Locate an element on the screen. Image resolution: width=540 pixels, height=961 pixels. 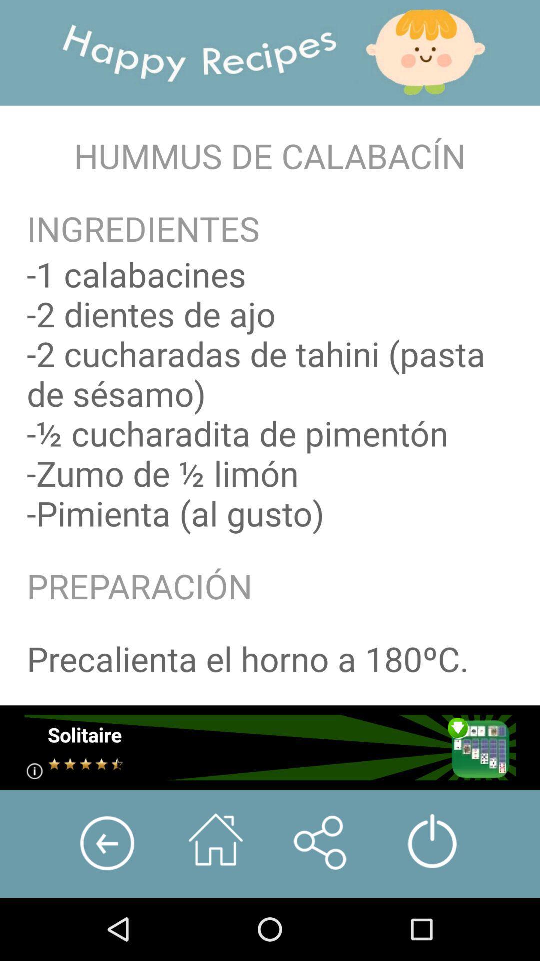
the home icon is located at coordinates (215, 903).